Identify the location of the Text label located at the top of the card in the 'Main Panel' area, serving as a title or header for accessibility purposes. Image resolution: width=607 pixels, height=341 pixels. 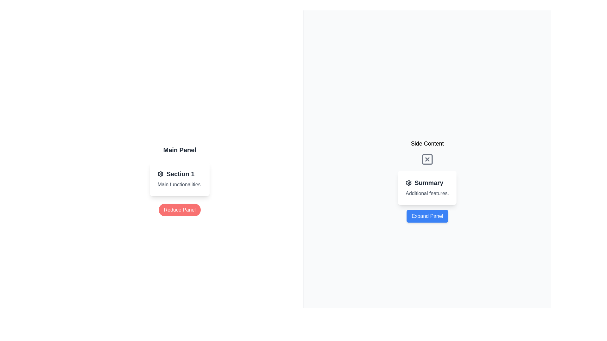
(176, 174).